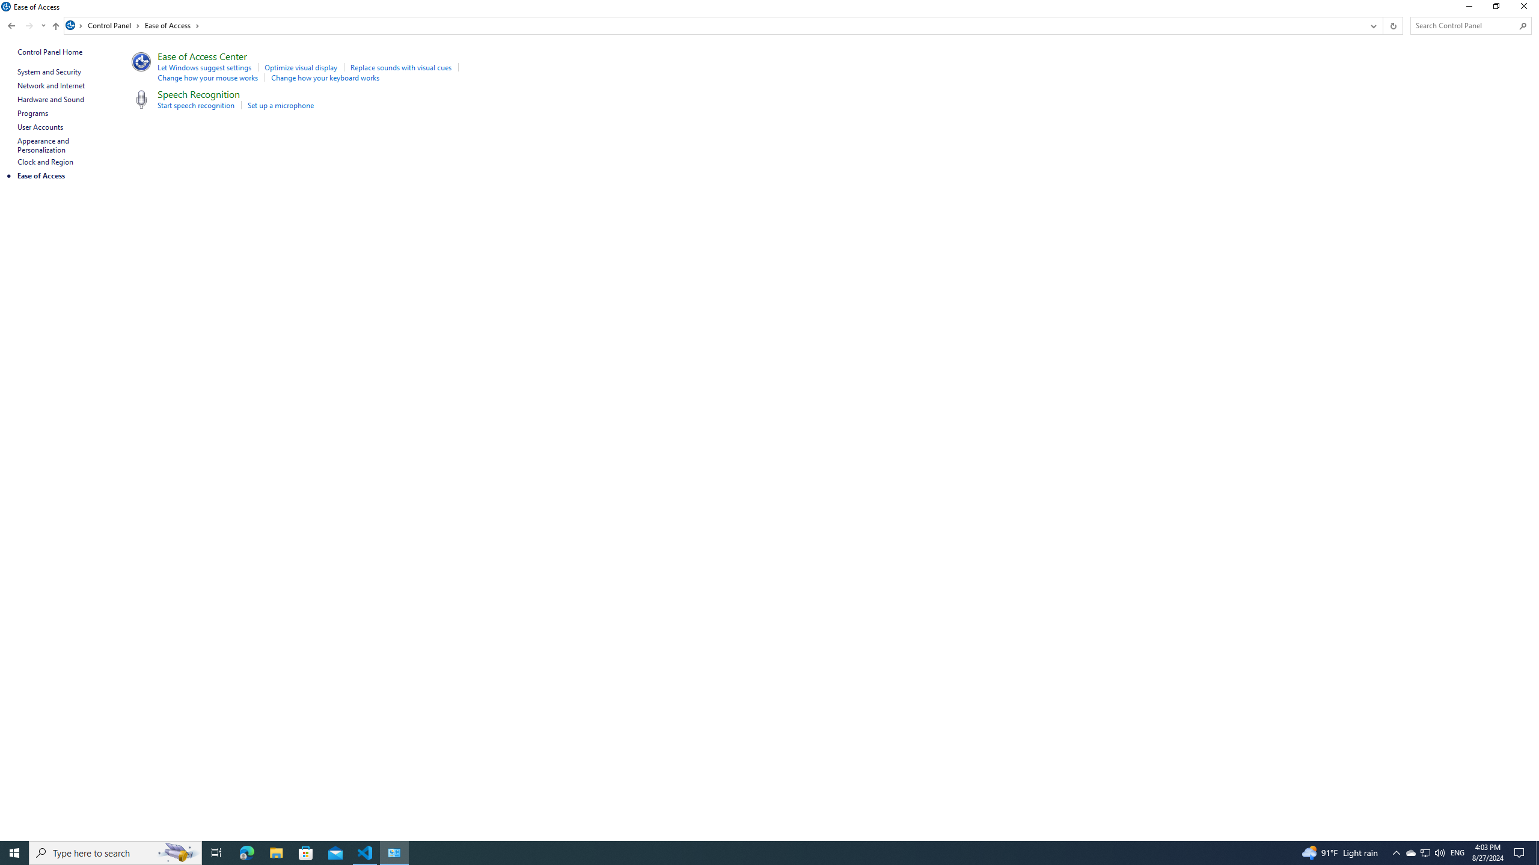  What do you see at coordinates (139, 99) in the screenshot?
I see `'Icon'` at bounding box center [139, 99].